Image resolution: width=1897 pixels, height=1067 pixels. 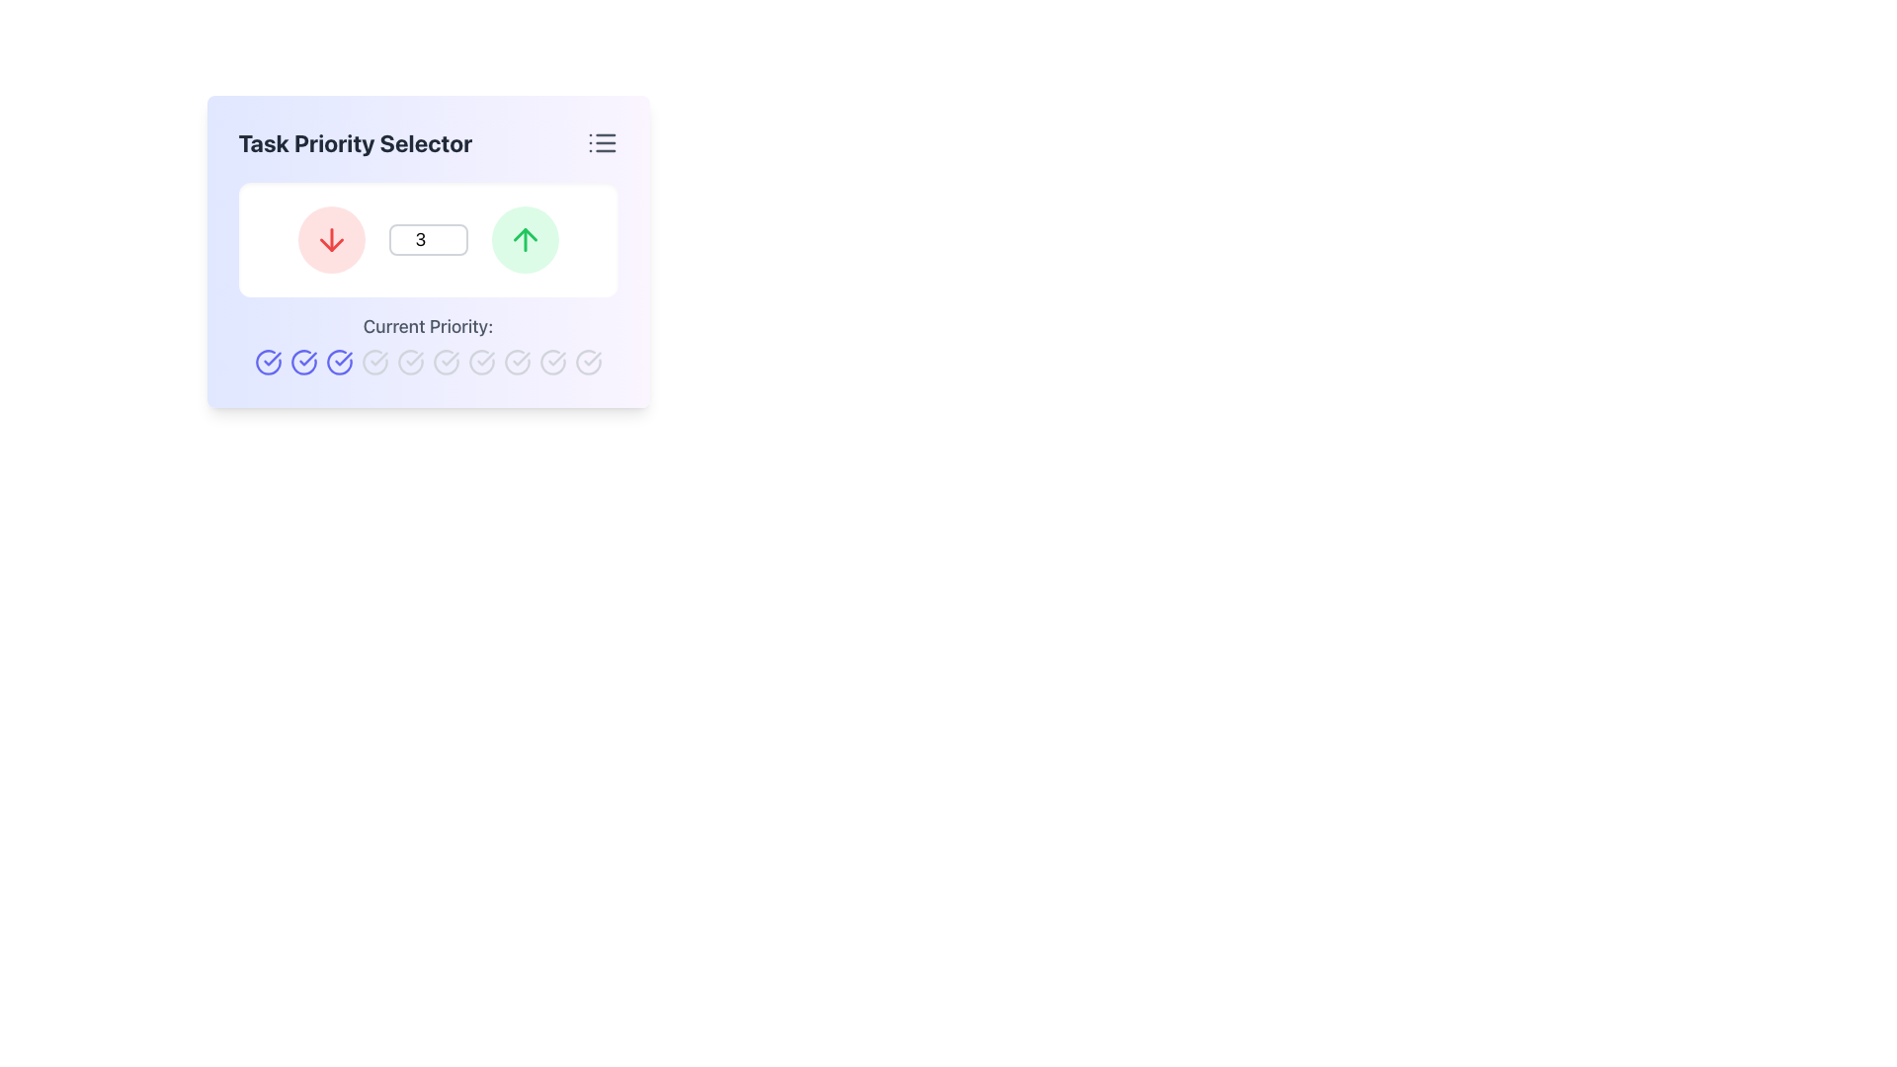 I want to click on the priority level indicator icon, which is the seventh from the left in a horizontal sequence of priority icons, so click(x=445, y=362).